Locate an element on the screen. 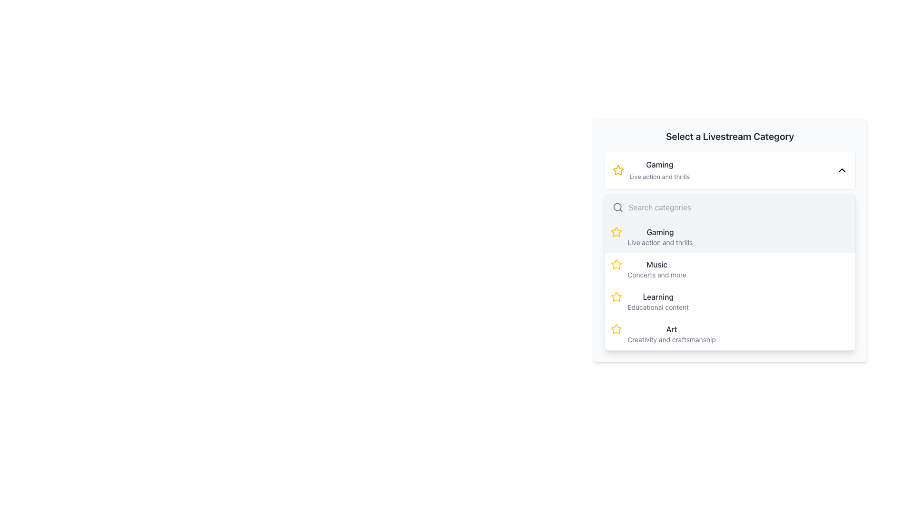 The height and width of the screenshot is (514, 914). the 'Gaming' text label element, which is styled in bold with dark gray color, serving as the title of a section in a dropdown menu is located at coordinates (659, 164).